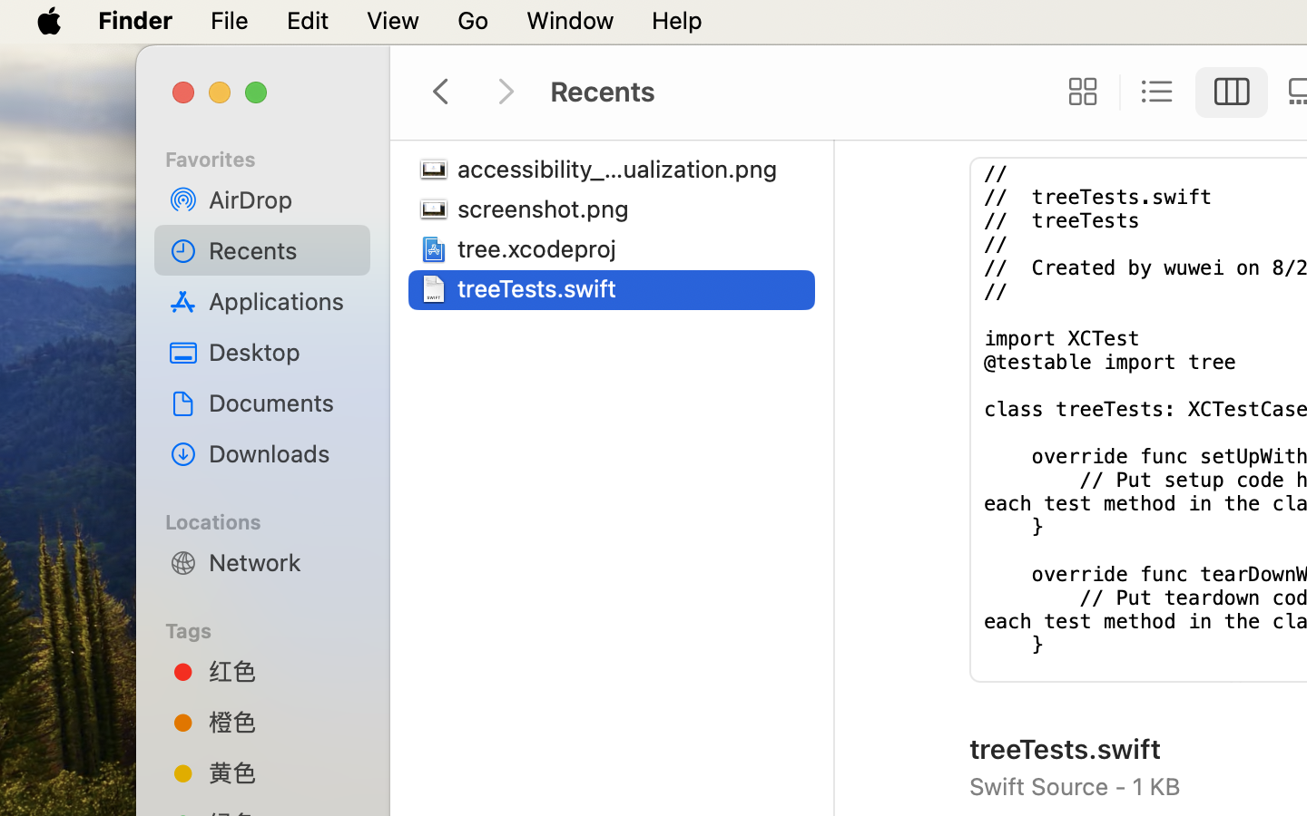 The width and height of the screenshot is (1307, 816). Describe the element at coordinates (545, 208) in the screenshot. I see `'screenshot.png'` at that location.